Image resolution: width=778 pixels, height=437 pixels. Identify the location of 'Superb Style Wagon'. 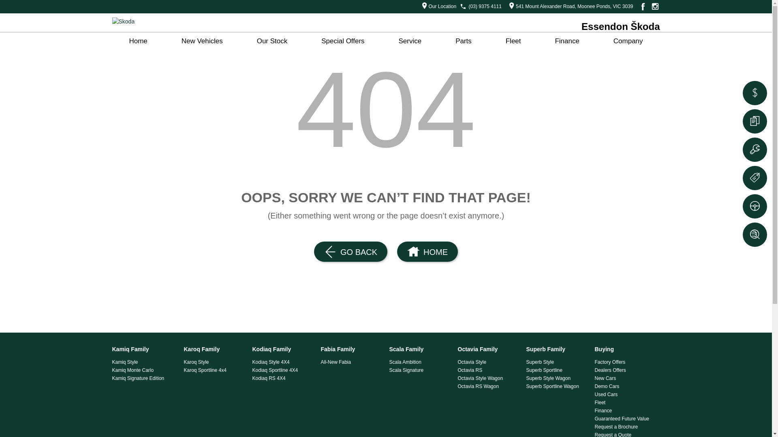
(556, 378).